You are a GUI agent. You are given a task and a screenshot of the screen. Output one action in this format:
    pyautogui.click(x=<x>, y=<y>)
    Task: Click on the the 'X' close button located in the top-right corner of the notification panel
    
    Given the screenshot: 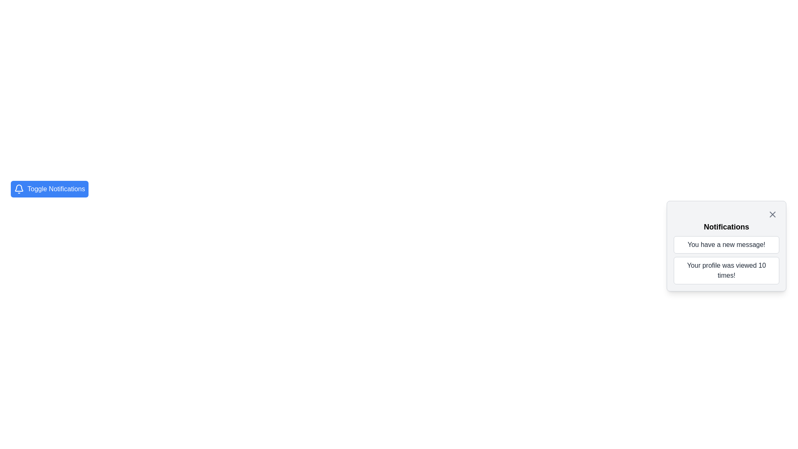 What is the action you would take?
    pyautogui.click(x=772, y=214)
    